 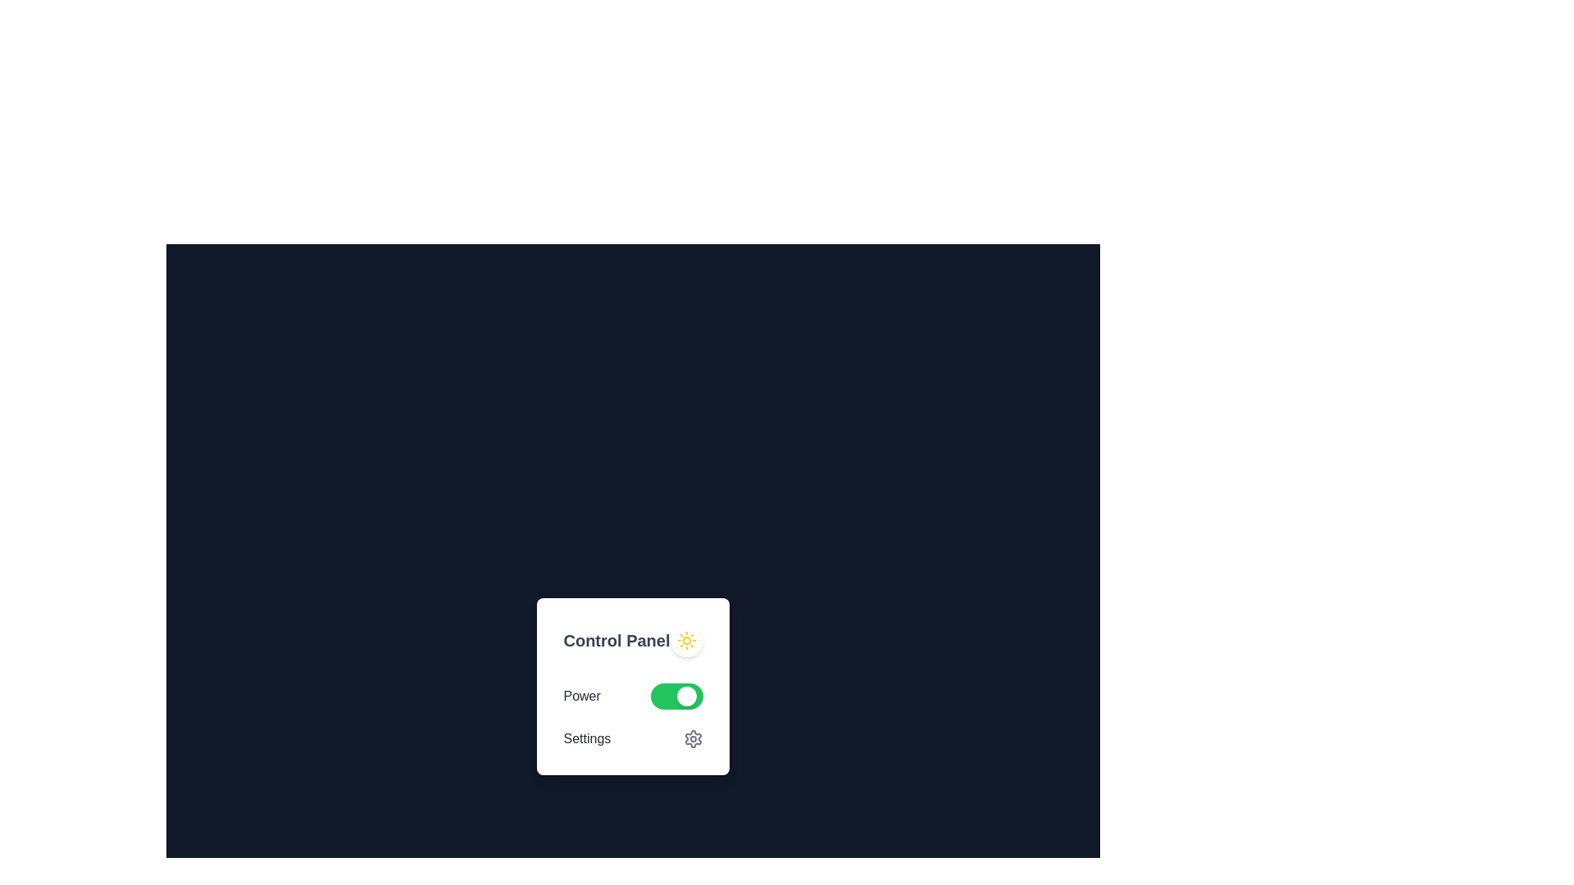 I want to click on the Icon button located to the far right of the 'Settings' text, so click(x=693, y=739).